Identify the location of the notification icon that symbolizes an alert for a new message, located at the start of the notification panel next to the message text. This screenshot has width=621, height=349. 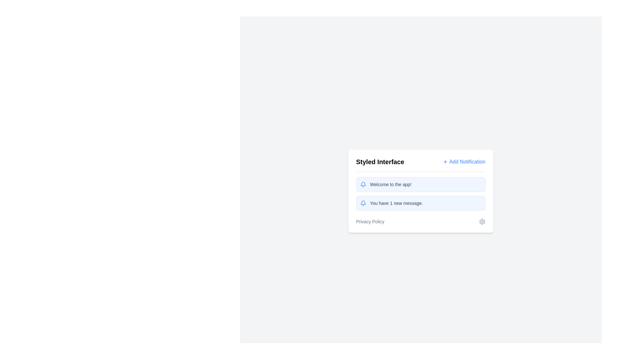
(363, 203).